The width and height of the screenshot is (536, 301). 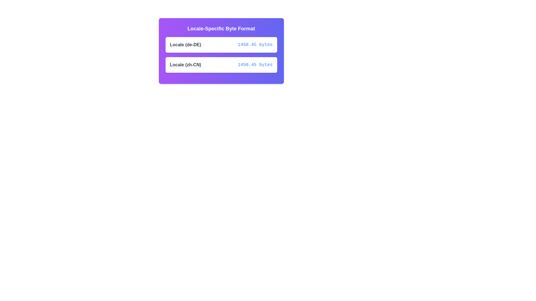 What do you see at coordinates (255, 45) in the screenshot?
I see `the static text element displaying '1450.45 bytes' in blue color, which is aligned to the right within the card labeled 'Locale-Specific Byte Format'` at bounding box center [255, 45].